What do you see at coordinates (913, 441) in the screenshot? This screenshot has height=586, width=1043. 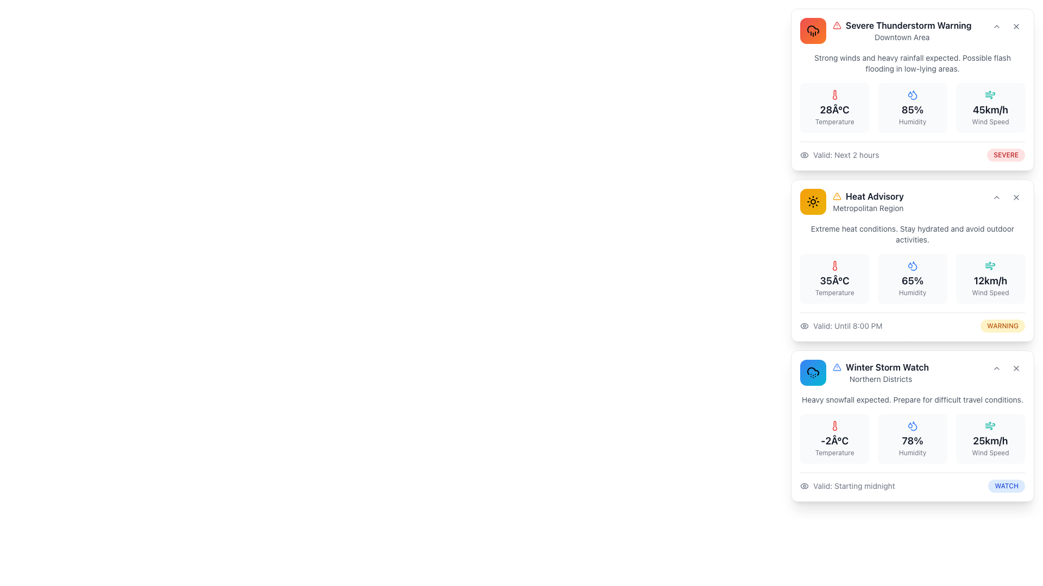 I see `humidity level percentage displayed in the central column under the 'Humidity' label within the 'Winter Storm Watch' card` at bounding box center [913, 441].